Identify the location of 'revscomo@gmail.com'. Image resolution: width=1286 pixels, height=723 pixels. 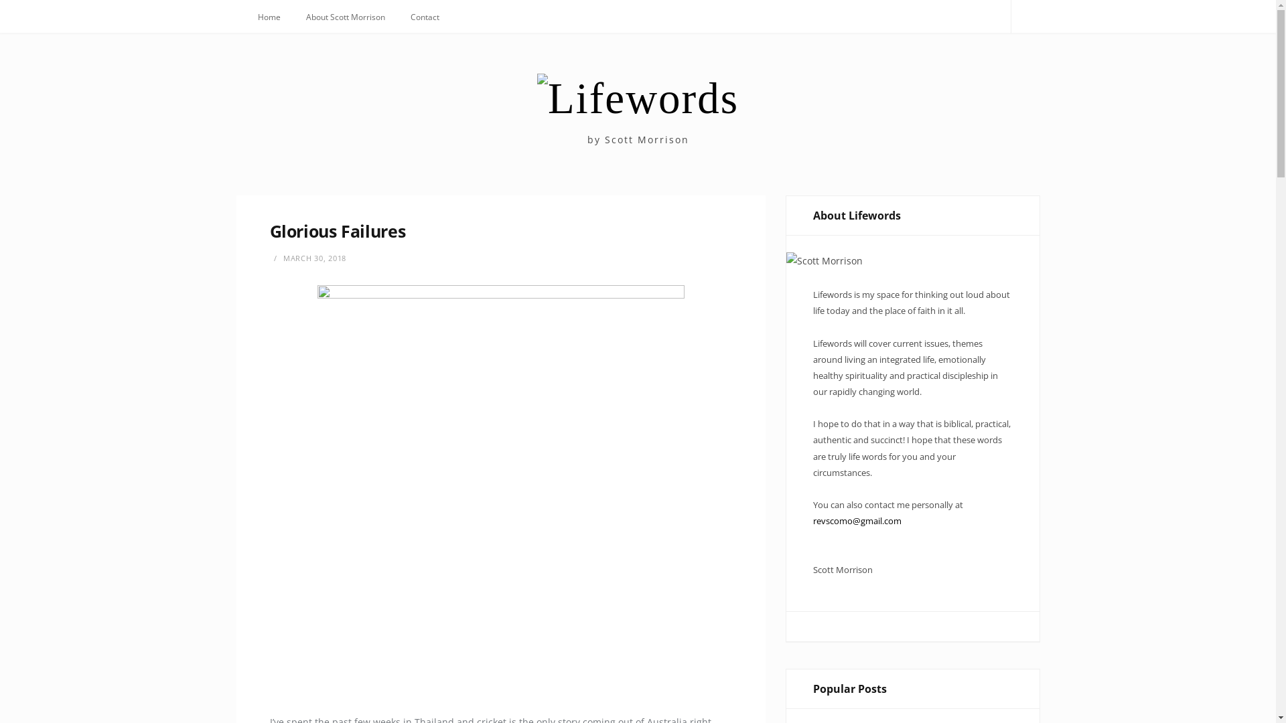
(812, 520).